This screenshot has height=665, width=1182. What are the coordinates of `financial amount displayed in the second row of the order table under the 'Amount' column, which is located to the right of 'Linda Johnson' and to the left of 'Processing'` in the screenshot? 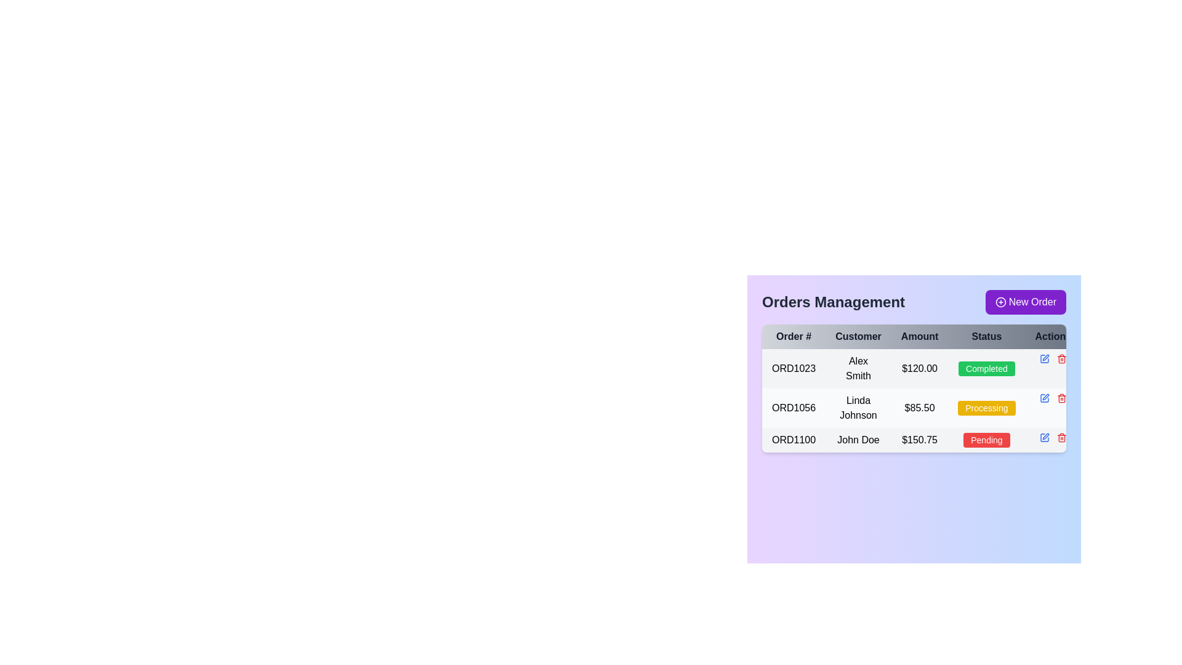 It's located at (922, 401).